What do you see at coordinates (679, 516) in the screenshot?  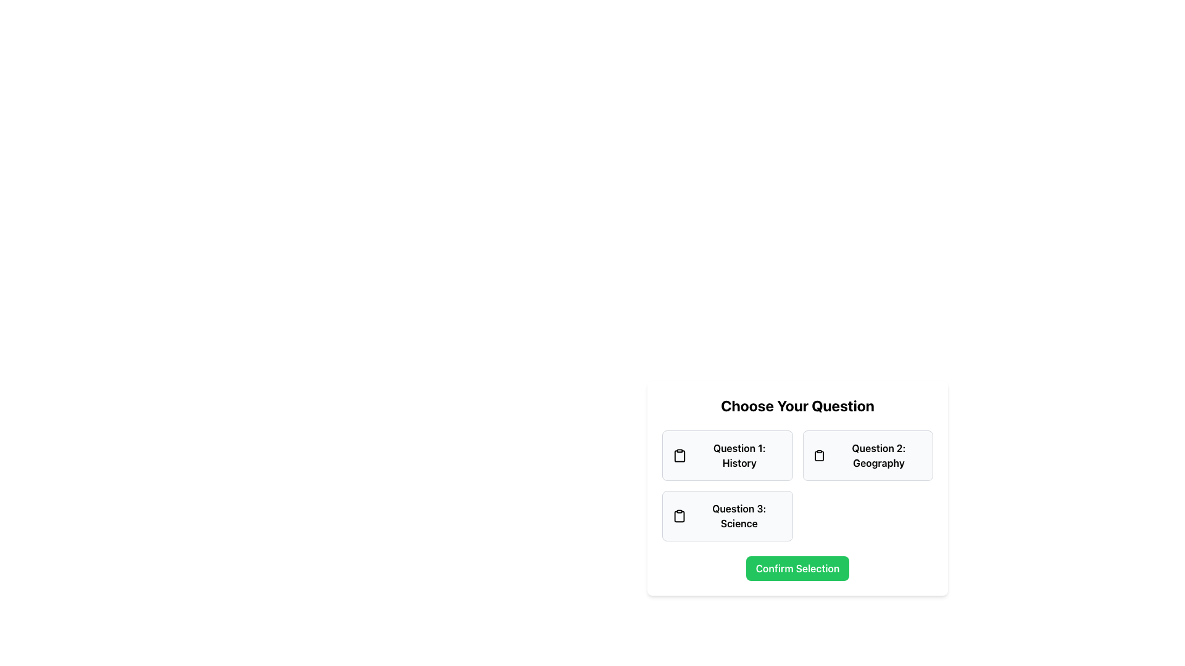 I see `the clipboard icon located within the 'Question 3: Science' button in the selection interface` at bounding box center [679, 516].